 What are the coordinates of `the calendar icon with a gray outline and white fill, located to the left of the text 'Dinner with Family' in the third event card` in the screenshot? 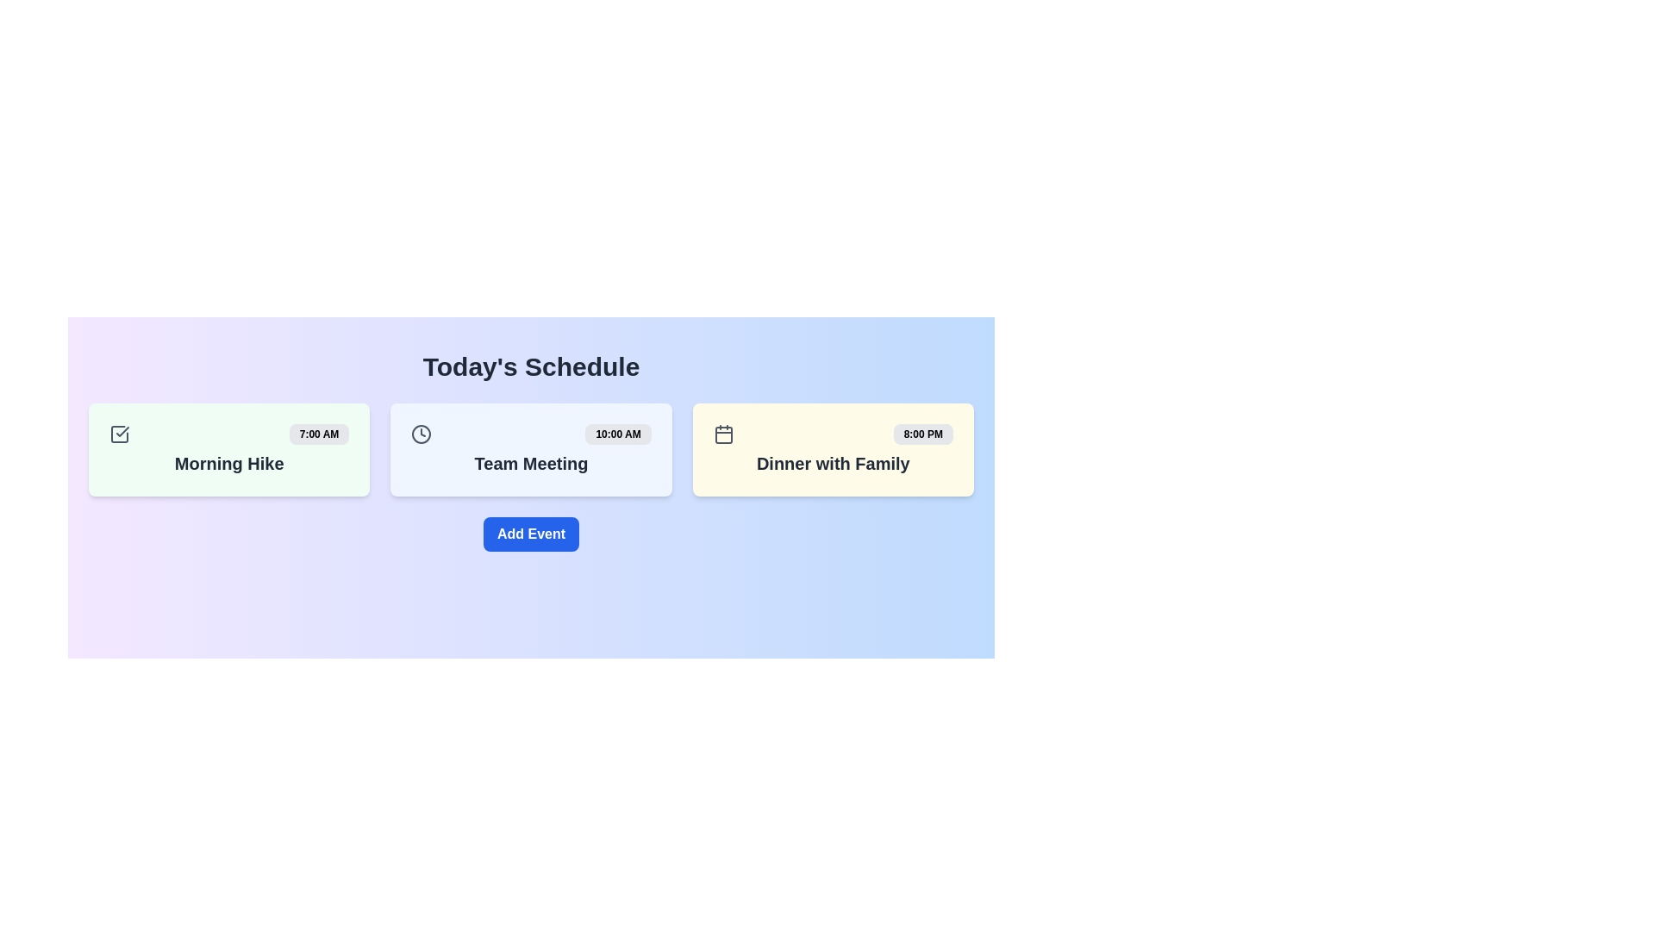 It's located at (723, 434).